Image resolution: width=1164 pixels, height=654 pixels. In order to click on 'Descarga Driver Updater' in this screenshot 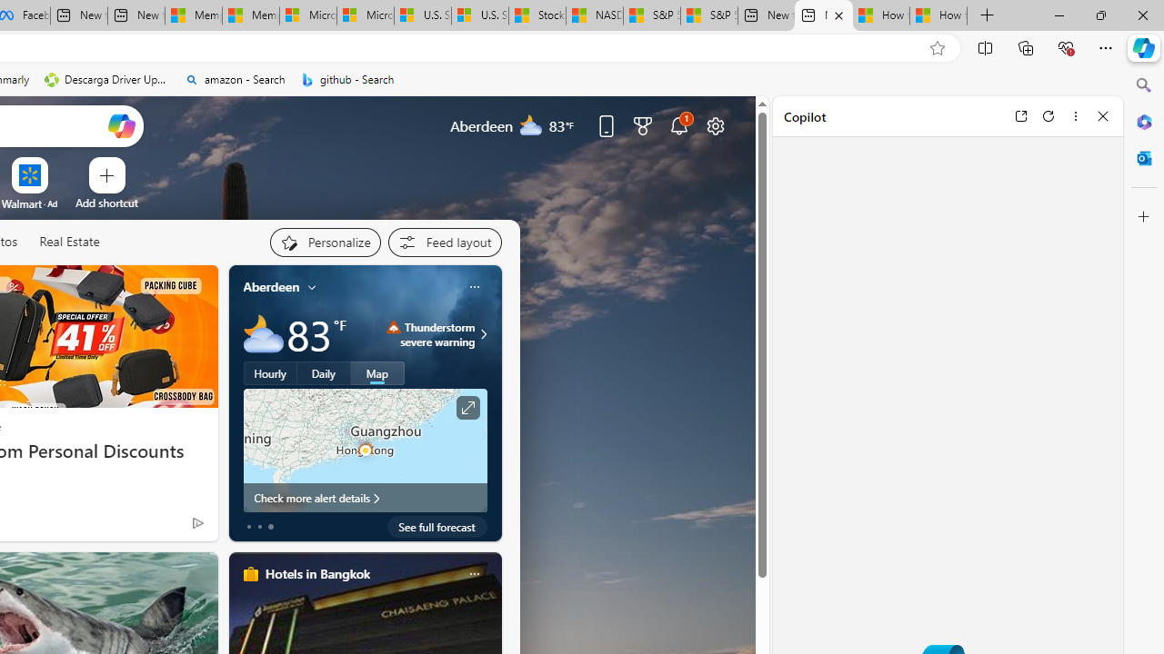, I will do `click(106, 79)`.